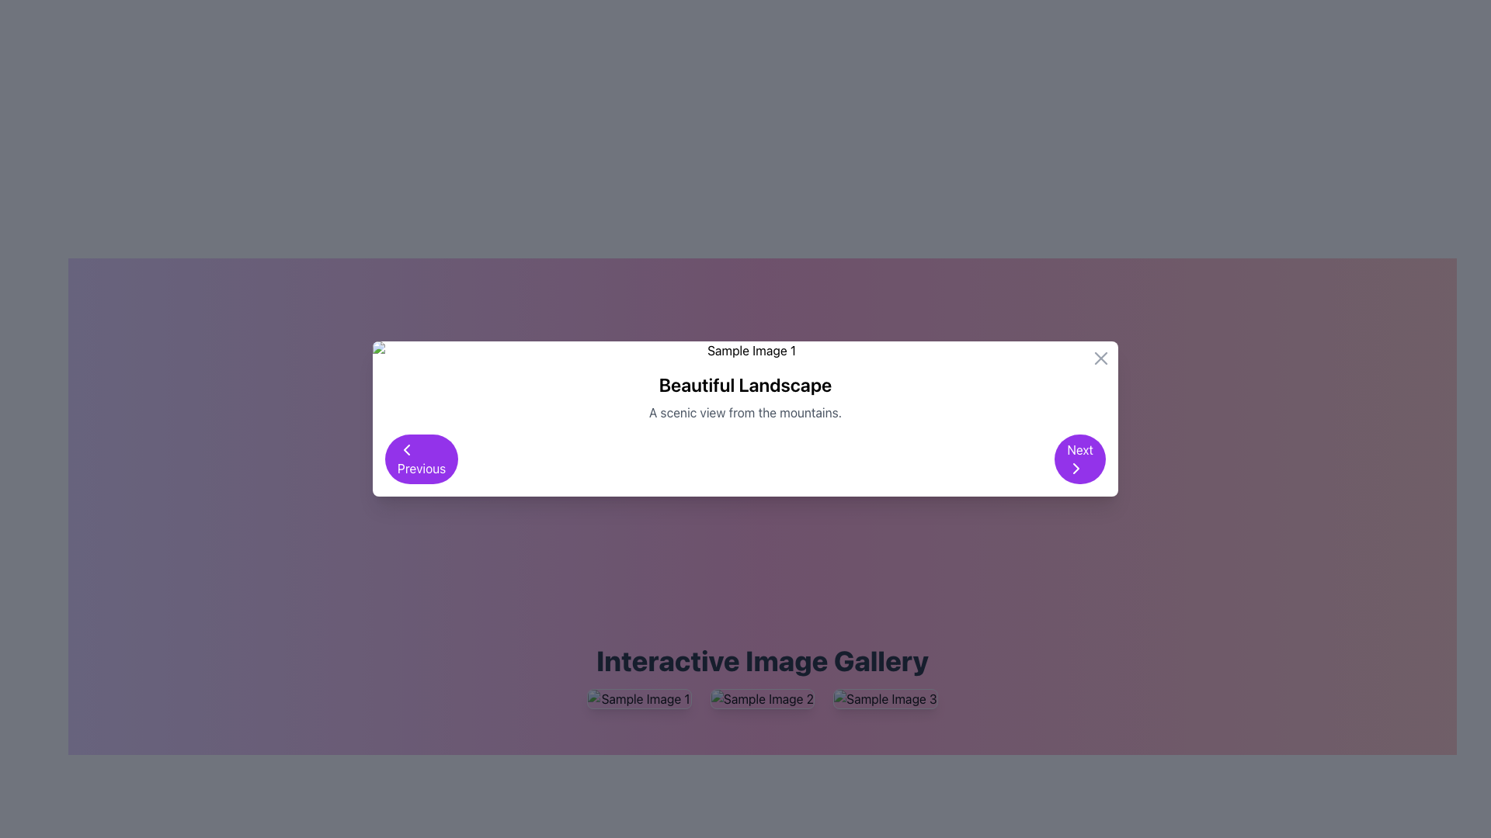  What do you see at coordinates (885, 699) in the screenshot?
I see `the image thumbnail labeled 'Sample Image 3' to trigger style changes` at bounding box center [885, 699].